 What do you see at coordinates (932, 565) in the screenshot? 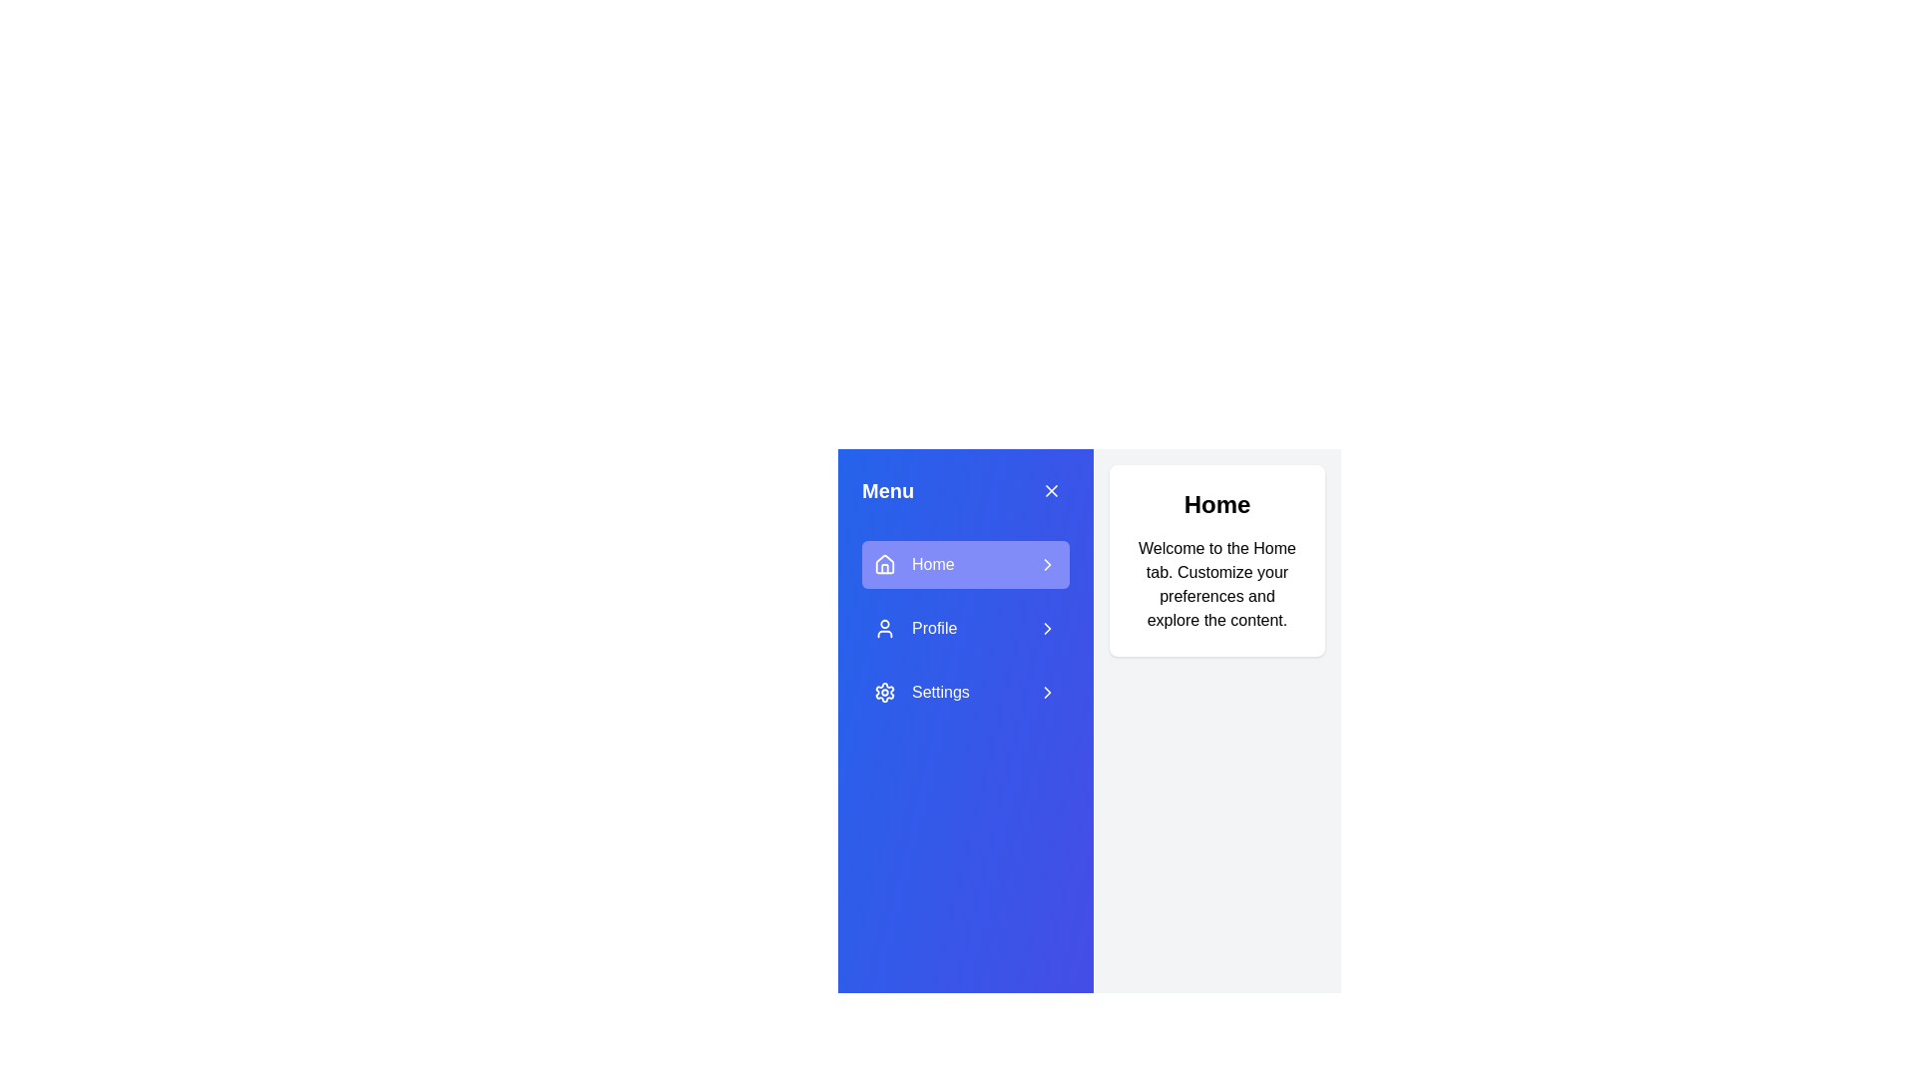
I see `the 'Home' navigation text label element, which is part of a button-like structure in the menu, to initiate navigation` at bounding box center [932, 565].